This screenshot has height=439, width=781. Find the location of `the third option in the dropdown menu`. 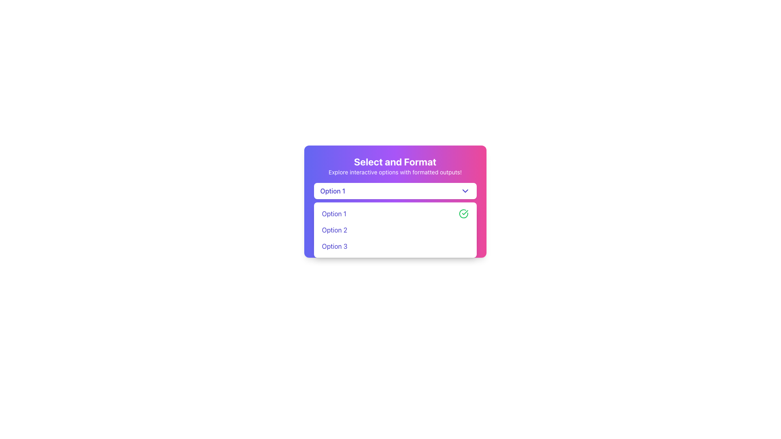

the third option in the dropdown menu is located at coordinates (395, 246).